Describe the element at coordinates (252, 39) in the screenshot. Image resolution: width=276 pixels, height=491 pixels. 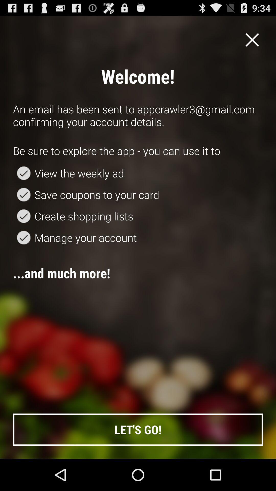
I see `window` at that location.